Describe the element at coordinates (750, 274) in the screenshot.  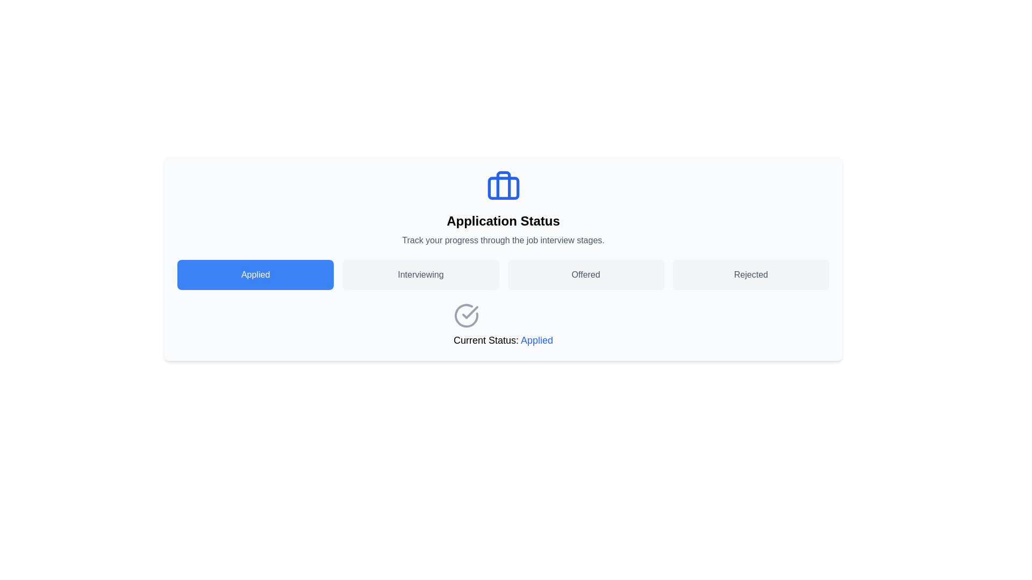
I see `the button labeled 'Rejected' with a light gray background and gray text using keyboard keys` at that location.